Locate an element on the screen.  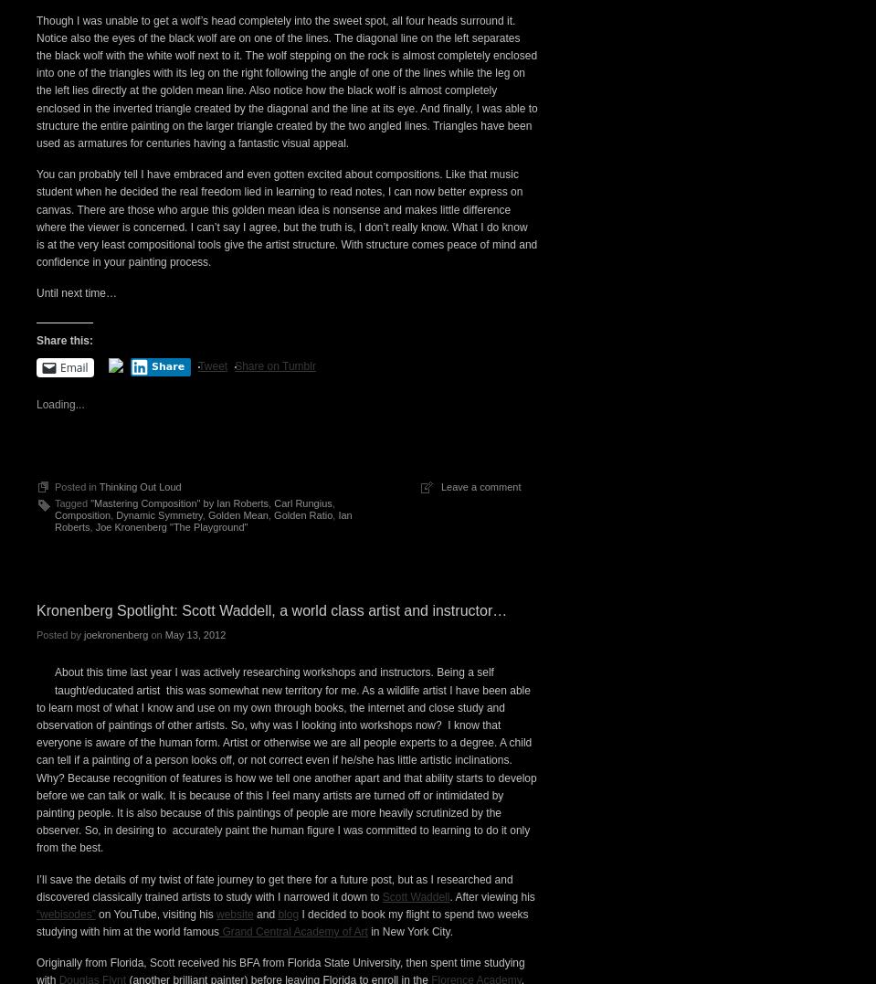
'on' is located at coordinates (154, 951).